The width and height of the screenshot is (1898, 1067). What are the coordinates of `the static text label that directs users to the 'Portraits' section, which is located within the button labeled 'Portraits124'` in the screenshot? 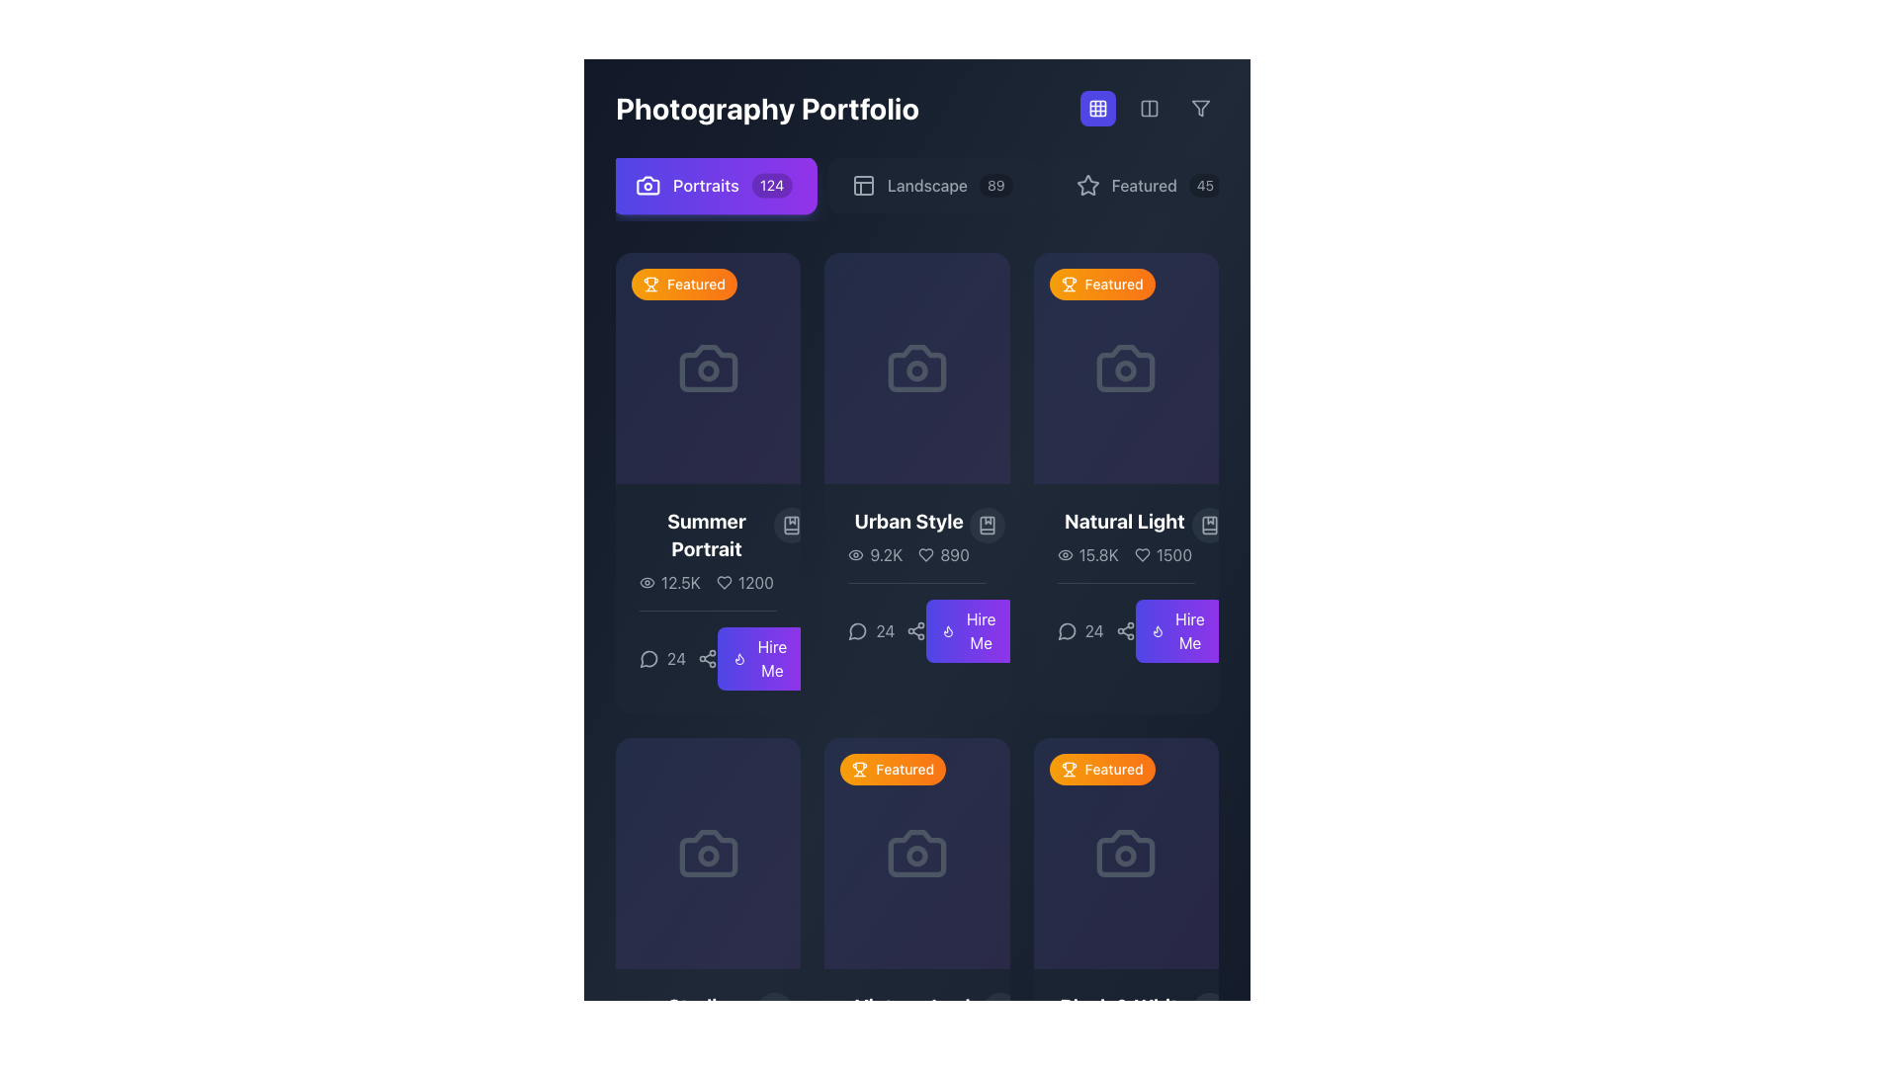 It's located at (706, 186).